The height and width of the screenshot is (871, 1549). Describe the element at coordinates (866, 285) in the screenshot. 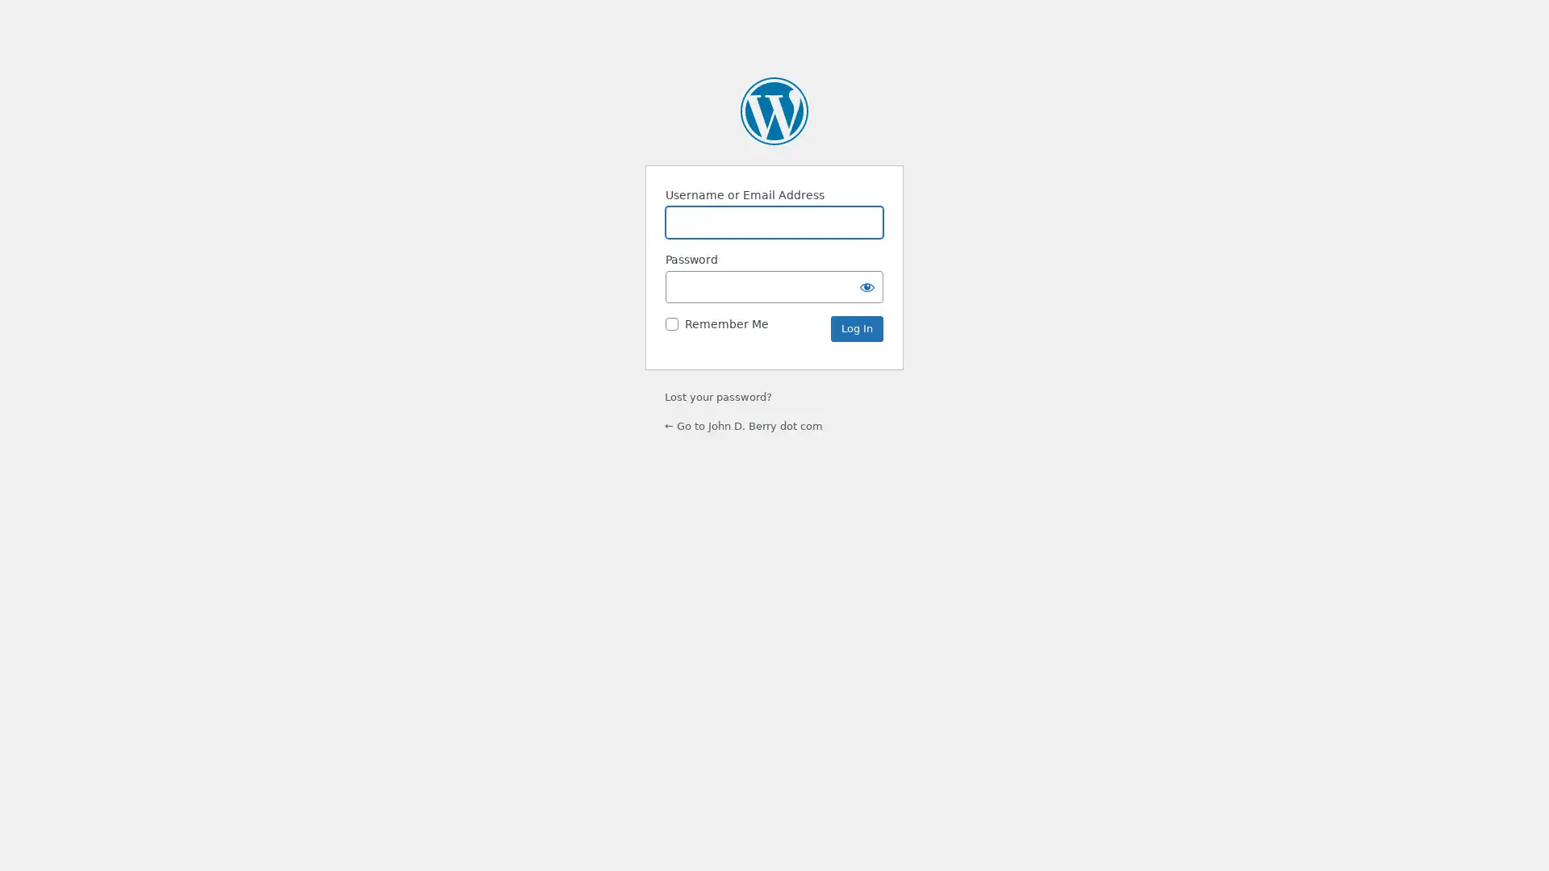

I see `Show password` at that location.